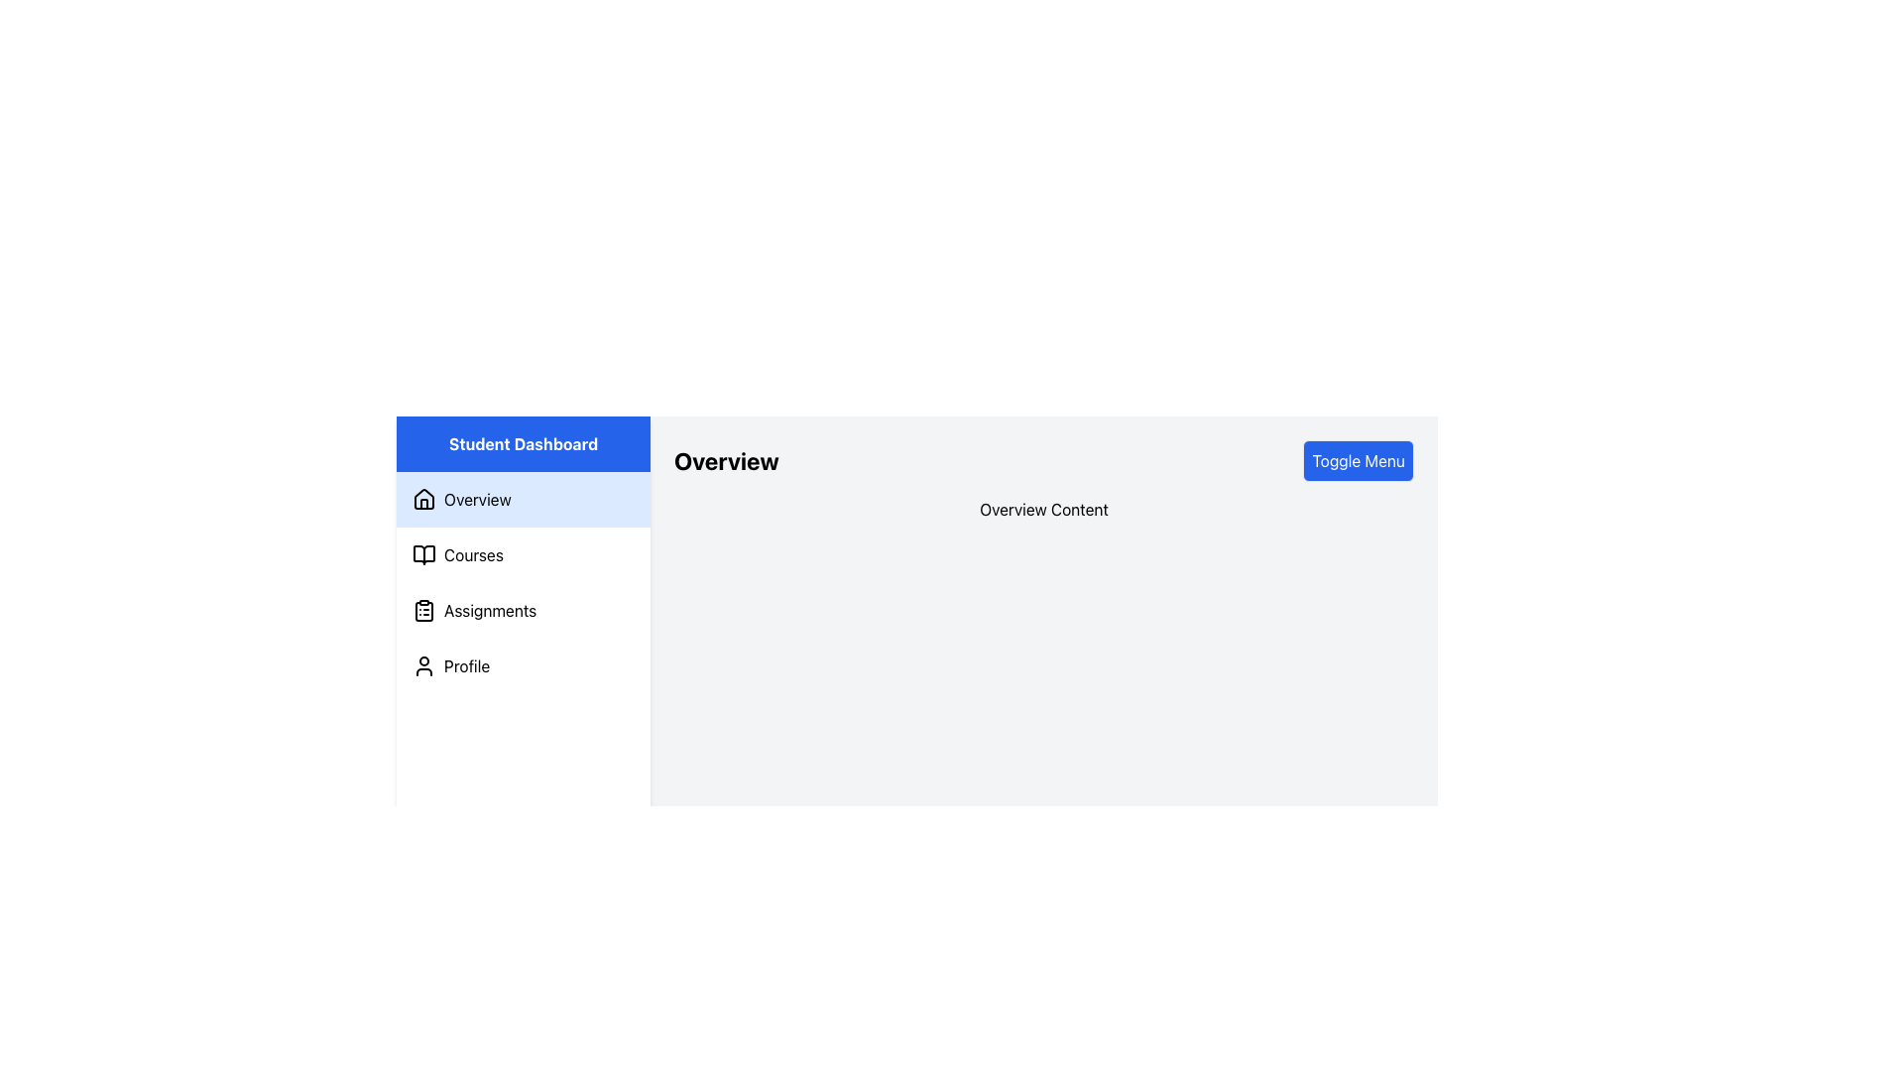  Describe the element at coordinates (725, 461) in the screenshot. I see `the bold 'Overview' text label, which is displayed in large size and black color, located in a light gray background area, positioned at the upper-center part of the main content area` at that location.